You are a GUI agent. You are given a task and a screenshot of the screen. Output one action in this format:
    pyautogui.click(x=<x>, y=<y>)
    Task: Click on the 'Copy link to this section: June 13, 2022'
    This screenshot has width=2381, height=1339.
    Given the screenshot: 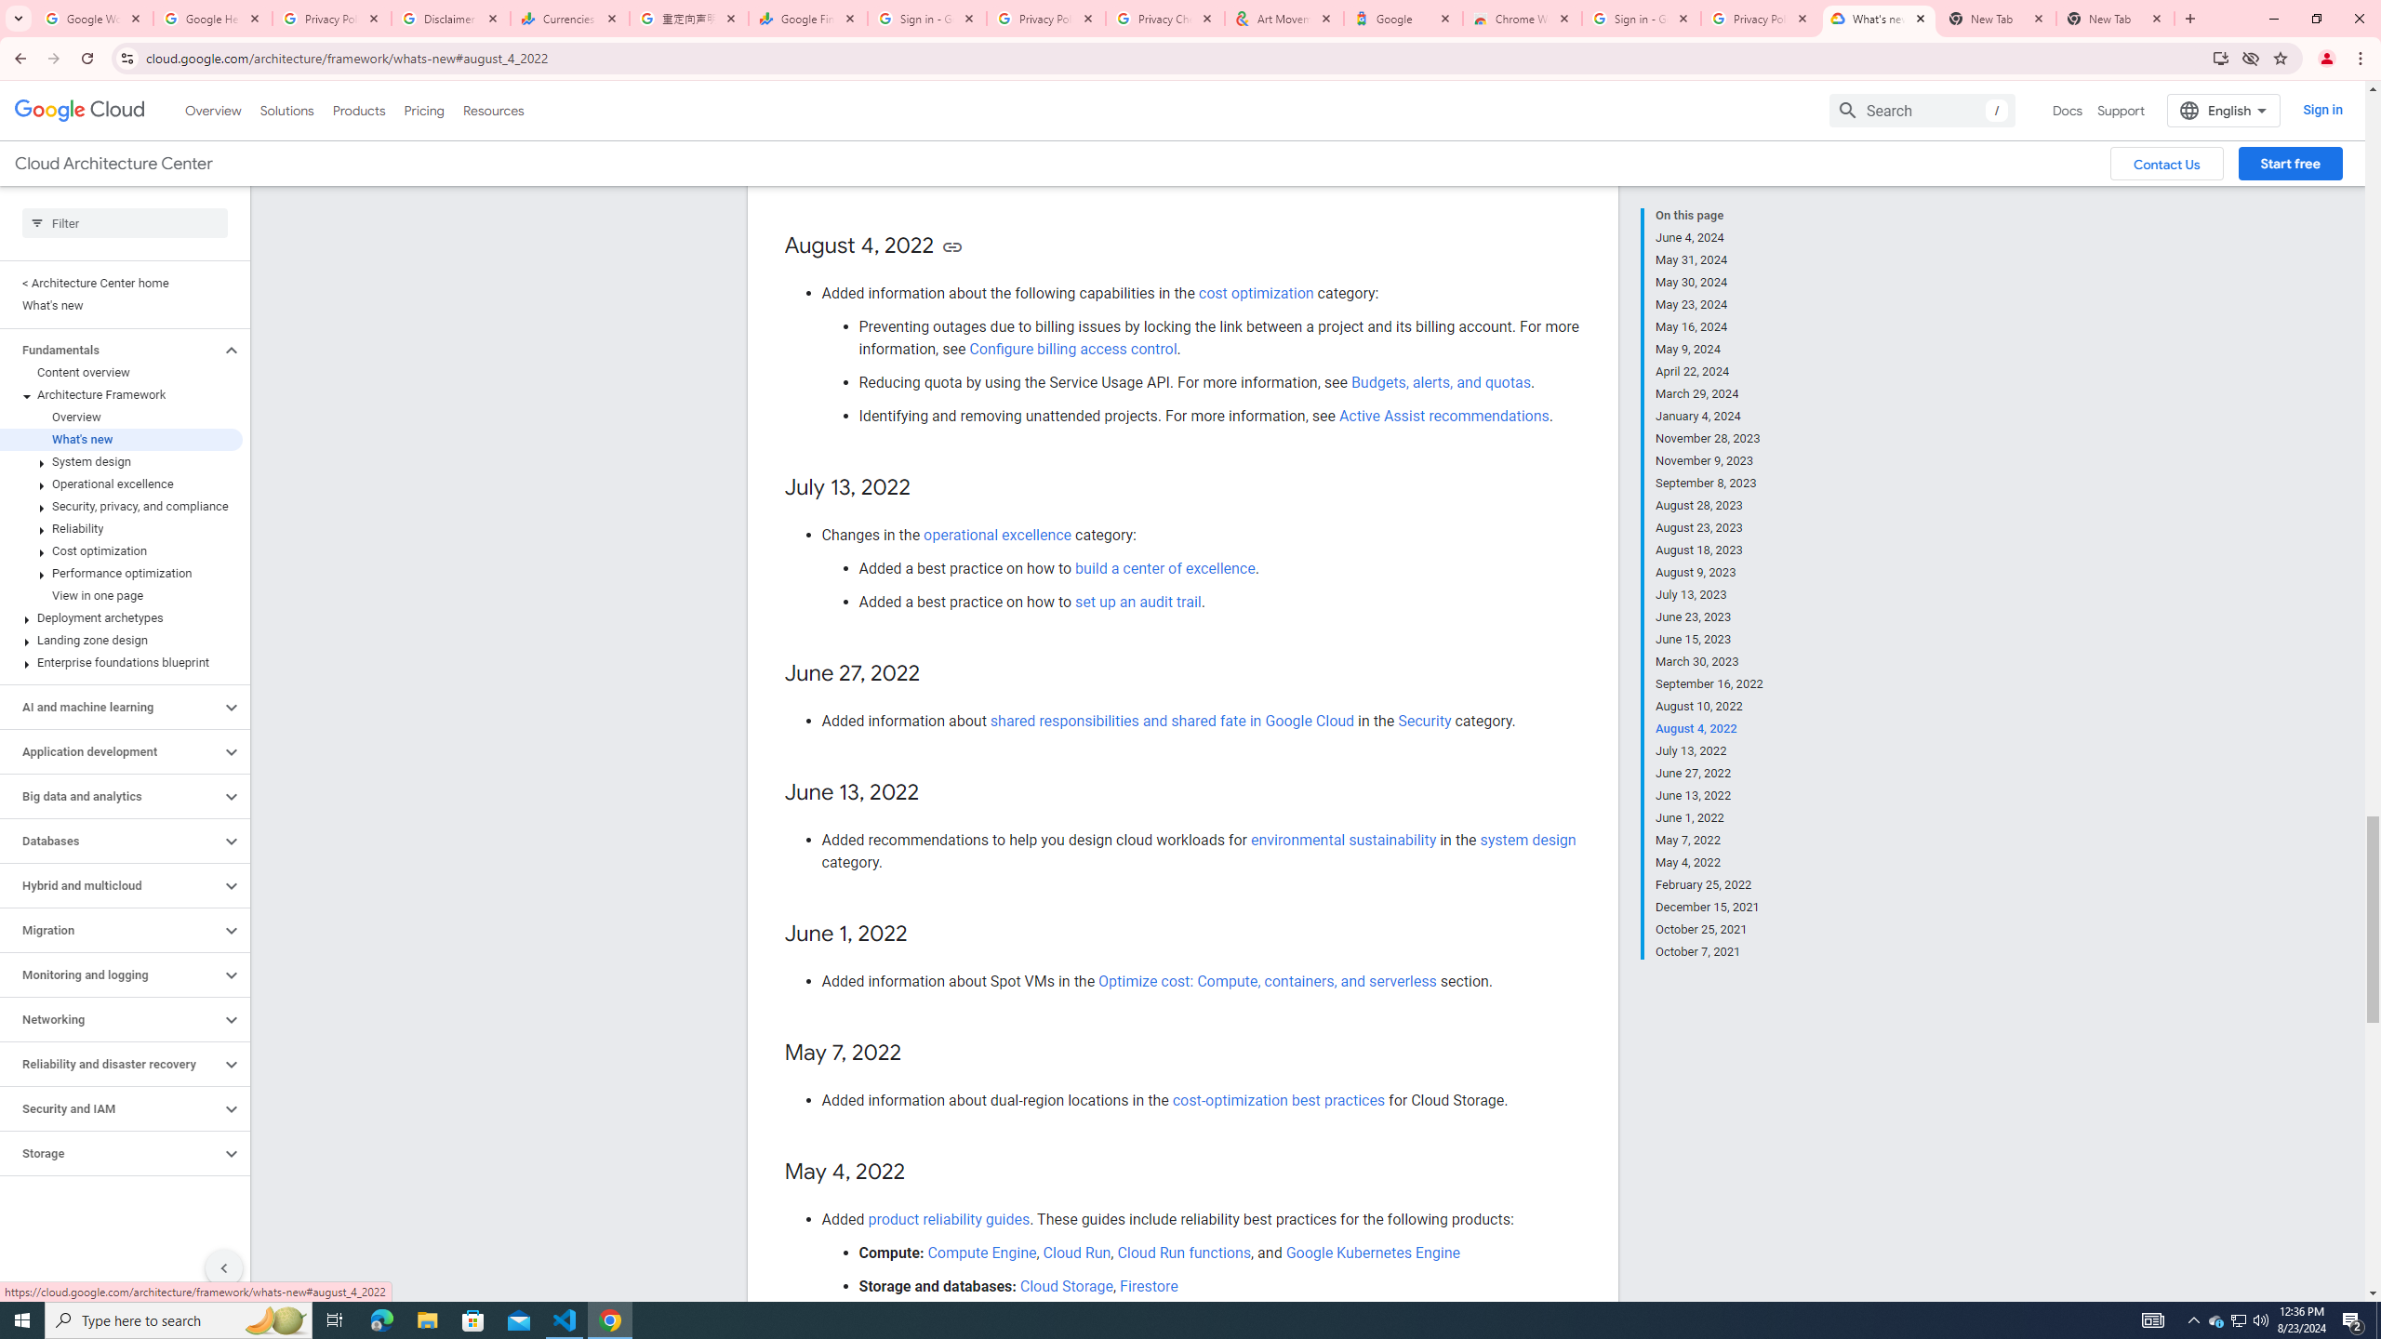 What is the action you would take?
    pyautogui.click(x=937, y=793)
    